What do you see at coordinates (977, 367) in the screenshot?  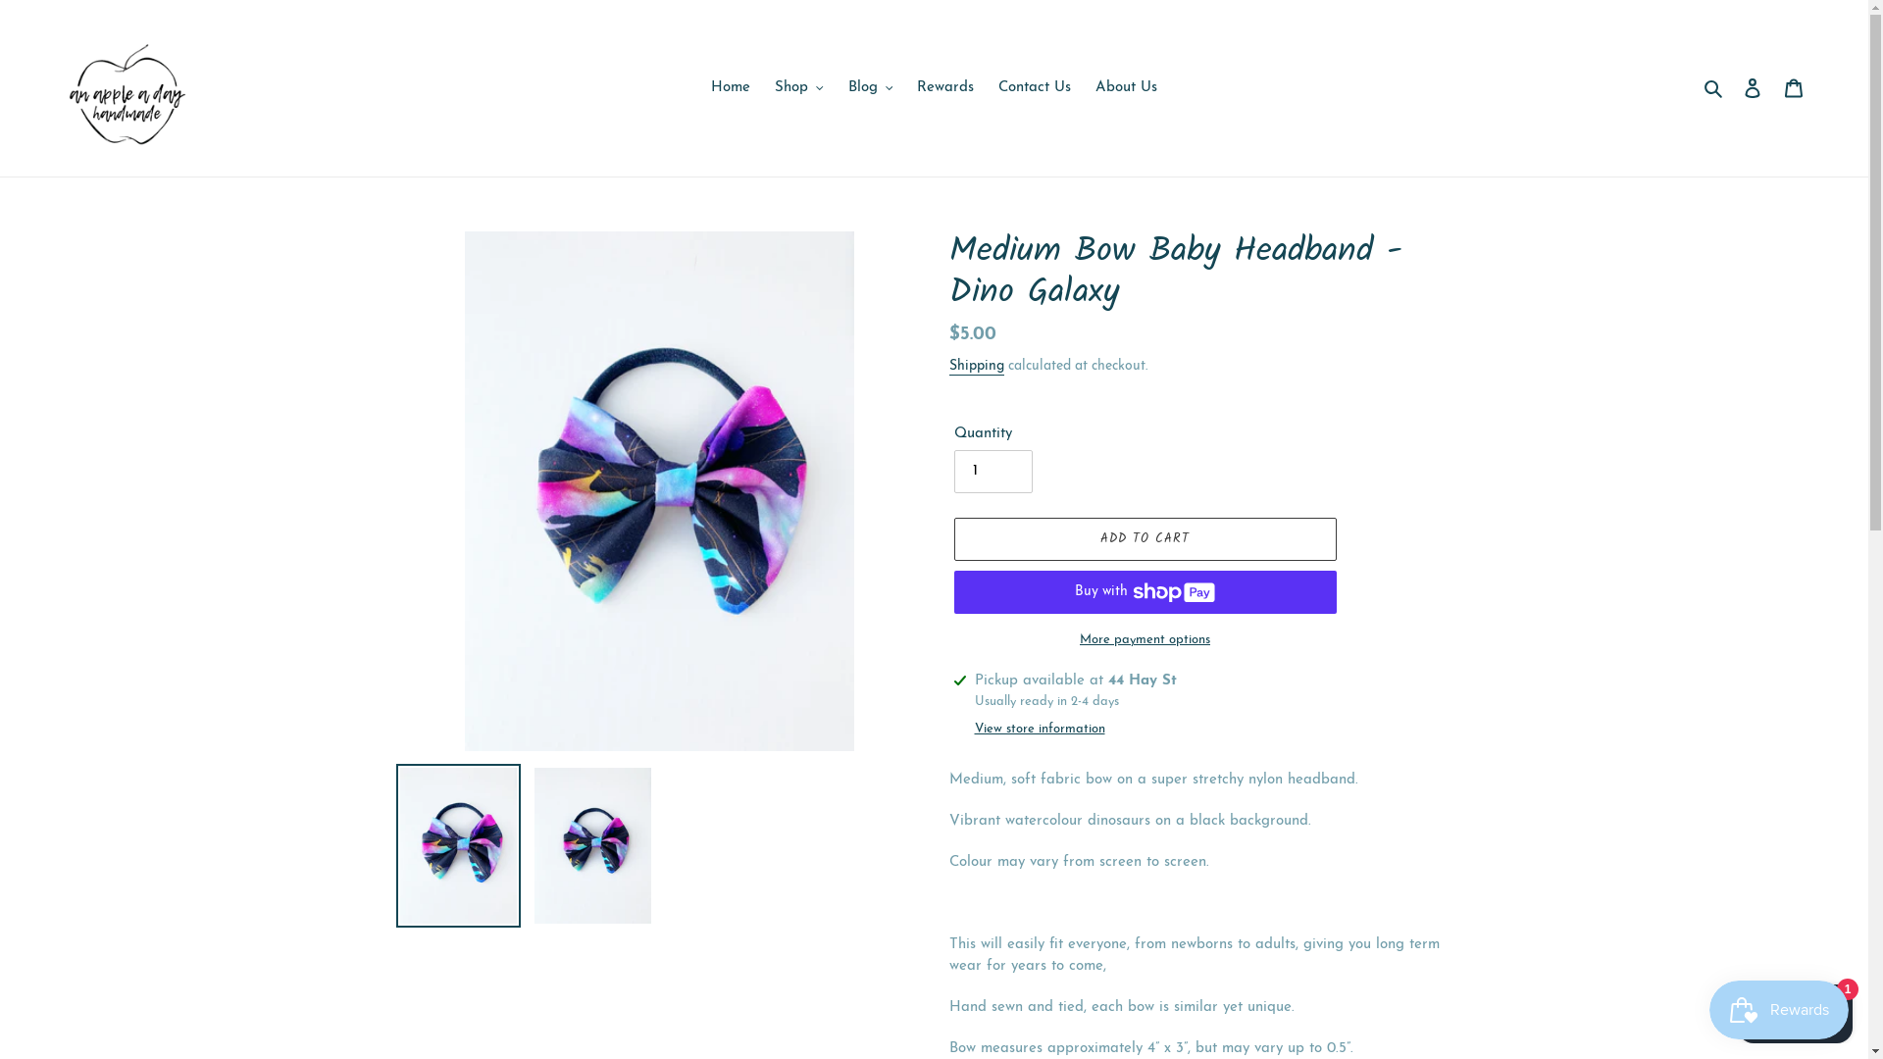 I see `'Shipping'` at bounding box center [977, 367].